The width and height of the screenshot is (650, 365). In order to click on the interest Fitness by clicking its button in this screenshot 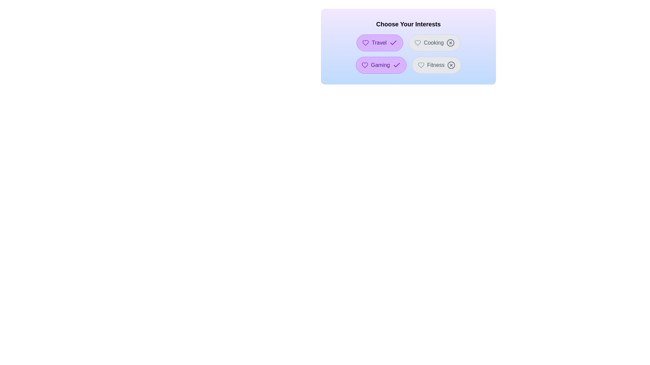, I will do `click(436, 65)`.